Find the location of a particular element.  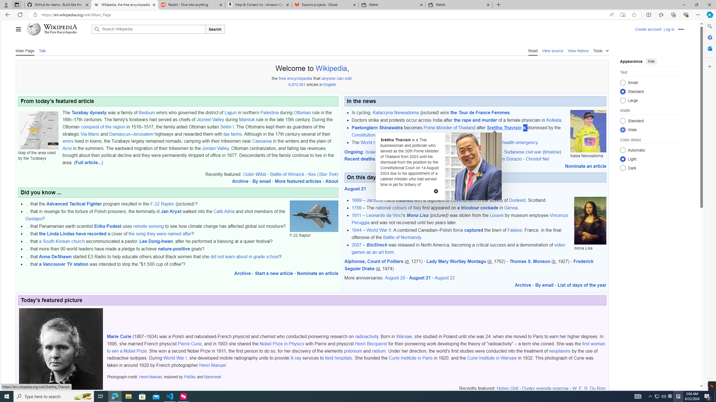

'Small' is located at coordinates (623, 82).